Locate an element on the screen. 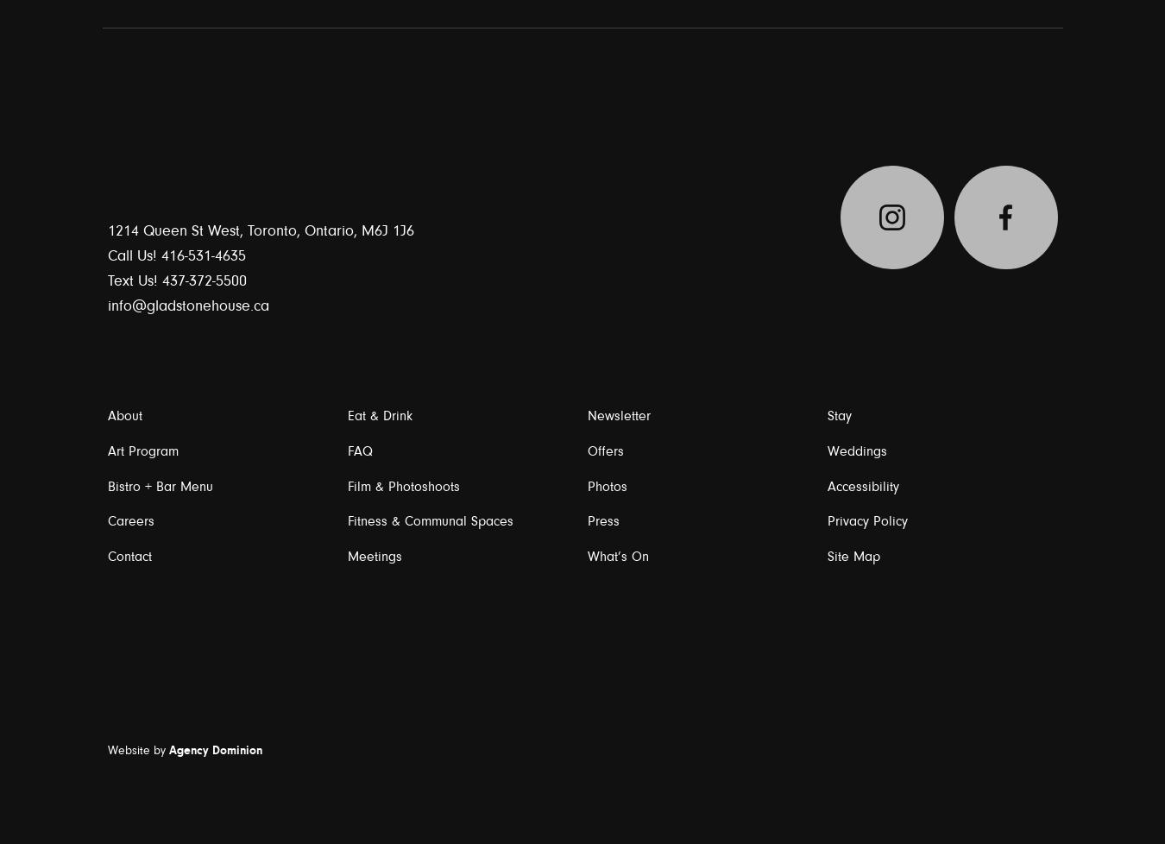  'Text Us! 437-372-5500' is located at coordinates (176, 279).